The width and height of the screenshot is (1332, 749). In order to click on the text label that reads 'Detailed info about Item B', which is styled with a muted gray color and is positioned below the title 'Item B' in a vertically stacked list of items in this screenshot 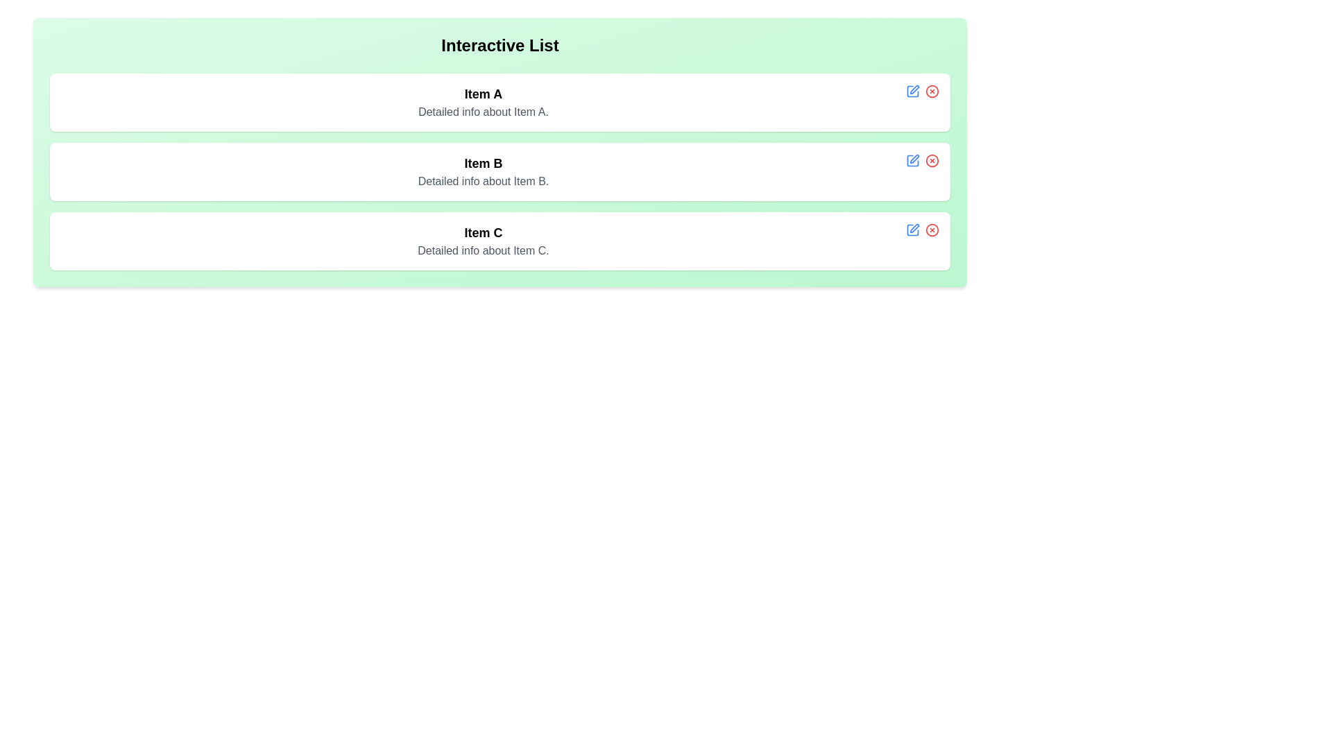, I will do `click(483, 181)`.